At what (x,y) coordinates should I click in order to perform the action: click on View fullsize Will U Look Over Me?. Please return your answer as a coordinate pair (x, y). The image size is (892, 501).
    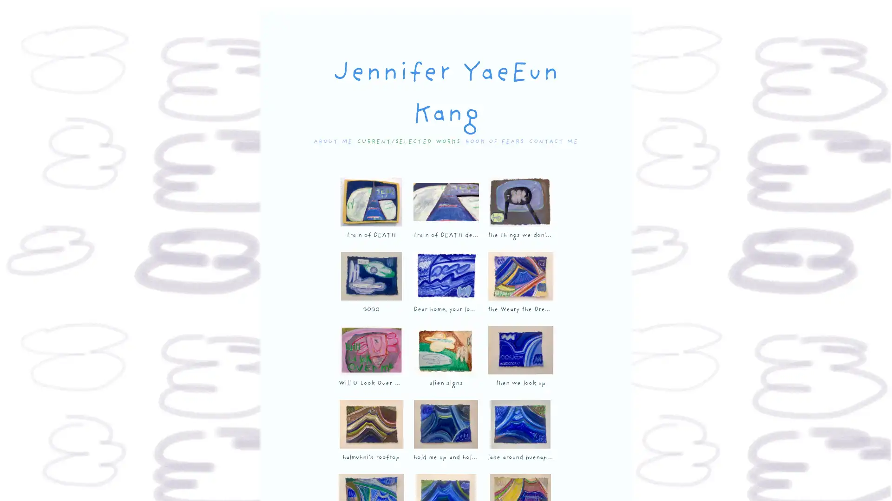
    Looking at the image, I should click on (370, 350).